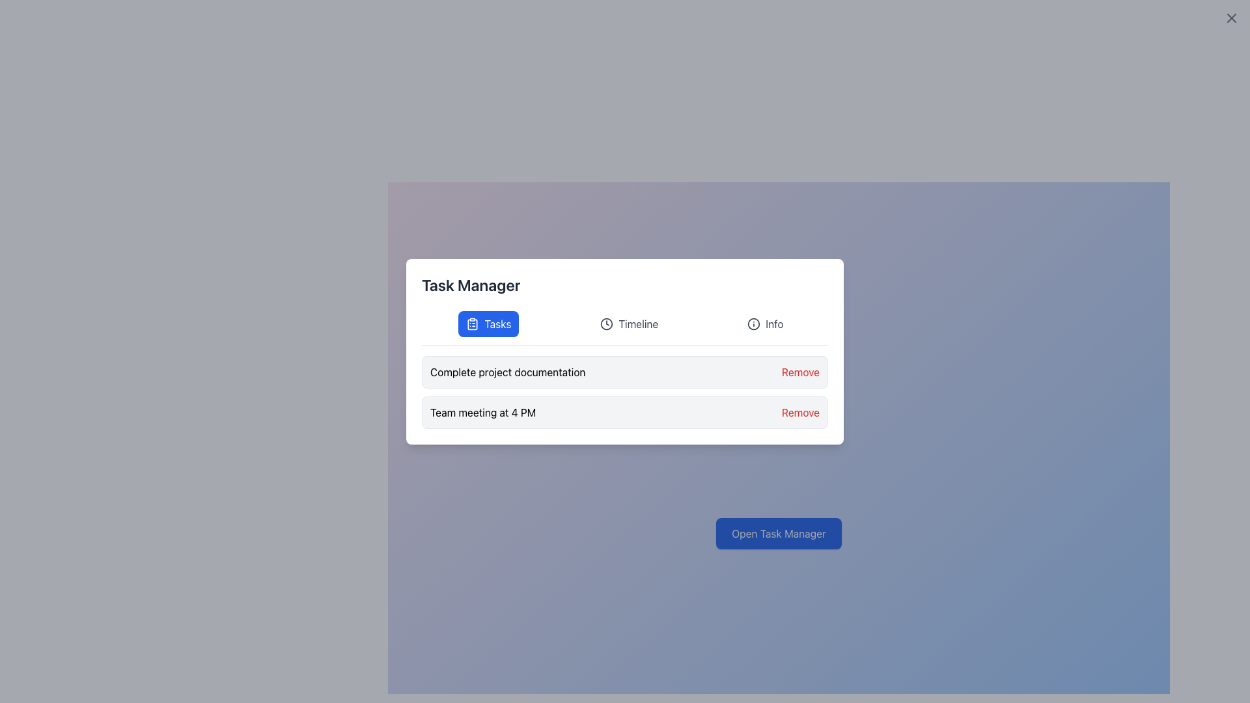 This screenshot has height=703, width=1250. What do you see at coordinates (1230, 18) in the screenshot?
I see `the Close Button located at the top-right corner of the modal` at bounding box center [1230, 18].